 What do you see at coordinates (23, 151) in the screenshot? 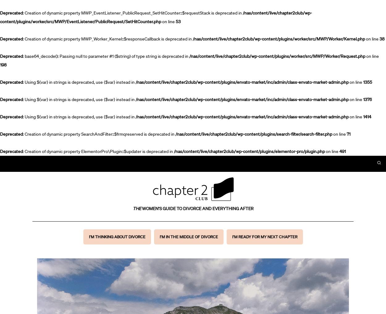
I see `':  Creation of dynamic property ElementorPro\Plugin::$updater is deprecated in'` at bounding box center [23, 151].